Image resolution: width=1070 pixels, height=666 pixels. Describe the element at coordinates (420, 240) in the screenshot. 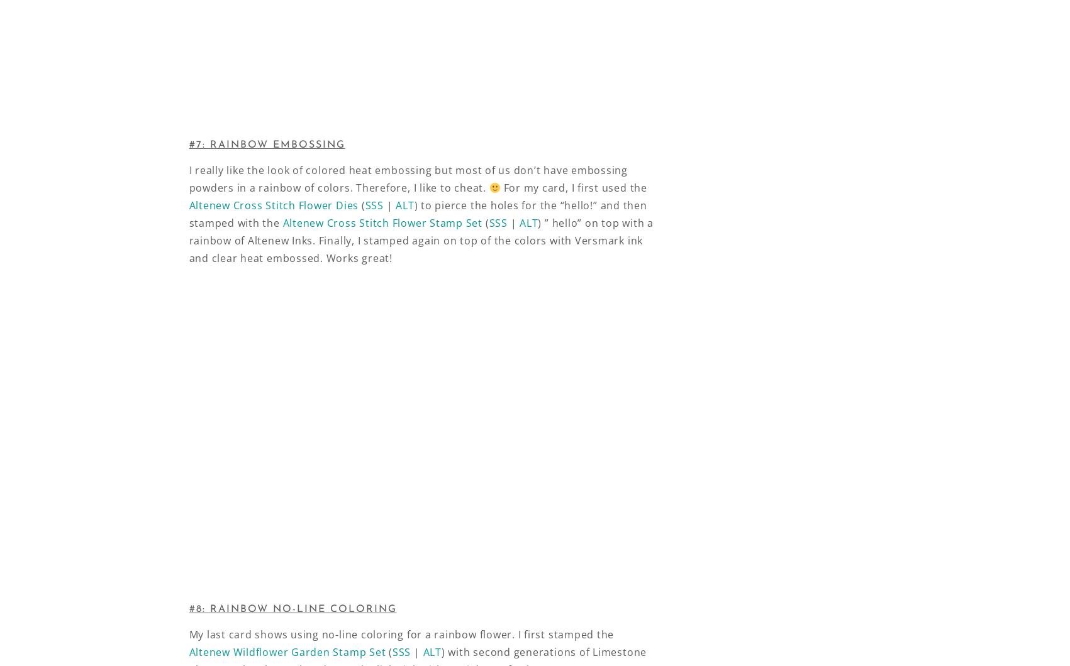

I see `') ” hello” on top with a rainbow of Altenew Inks. Finally, I stamped again on top of the colors with Versmark ink and clear heat embossed. Works great!'` at that location.